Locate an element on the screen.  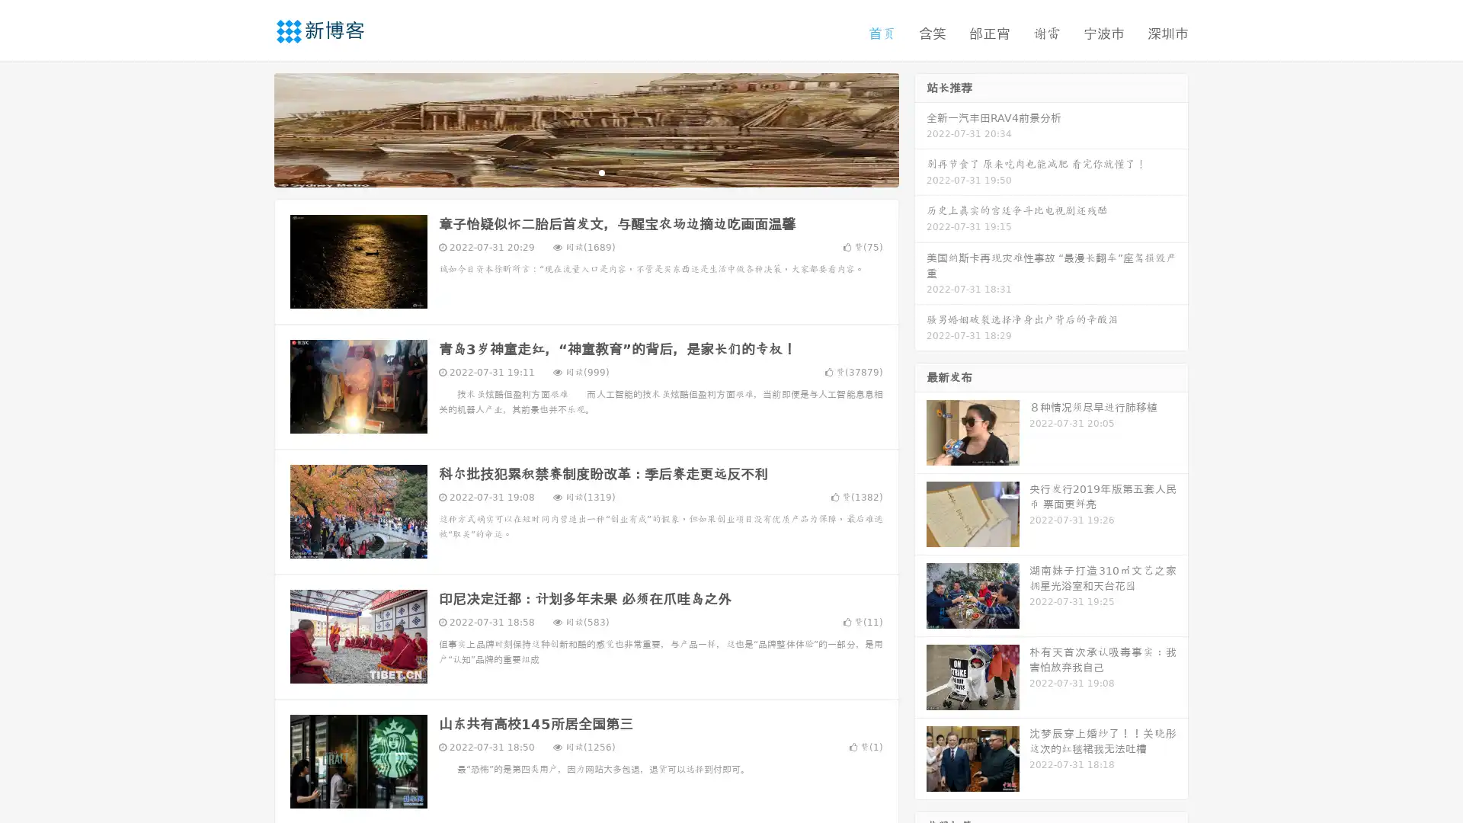
Next slide is located at coordinates (920, 128).